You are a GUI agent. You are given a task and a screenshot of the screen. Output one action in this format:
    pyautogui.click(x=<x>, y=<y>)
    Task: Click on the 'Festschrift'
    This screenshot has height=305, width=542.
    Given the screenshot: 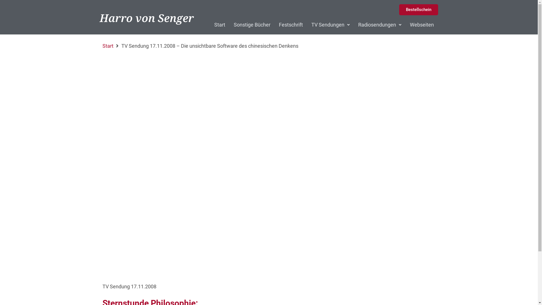 What is the action you would take?
    pyautogui.click(x=291, y=25)
    